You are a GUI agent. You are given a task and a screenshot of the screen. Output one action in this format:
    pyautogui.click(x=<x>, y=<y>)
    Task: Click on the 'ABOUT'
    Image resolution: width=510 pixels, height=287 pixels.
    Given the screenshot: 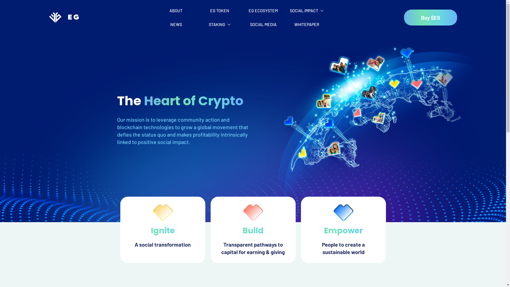 What is the action you would take?
    pyautogui.click(x=154, y=10)
    